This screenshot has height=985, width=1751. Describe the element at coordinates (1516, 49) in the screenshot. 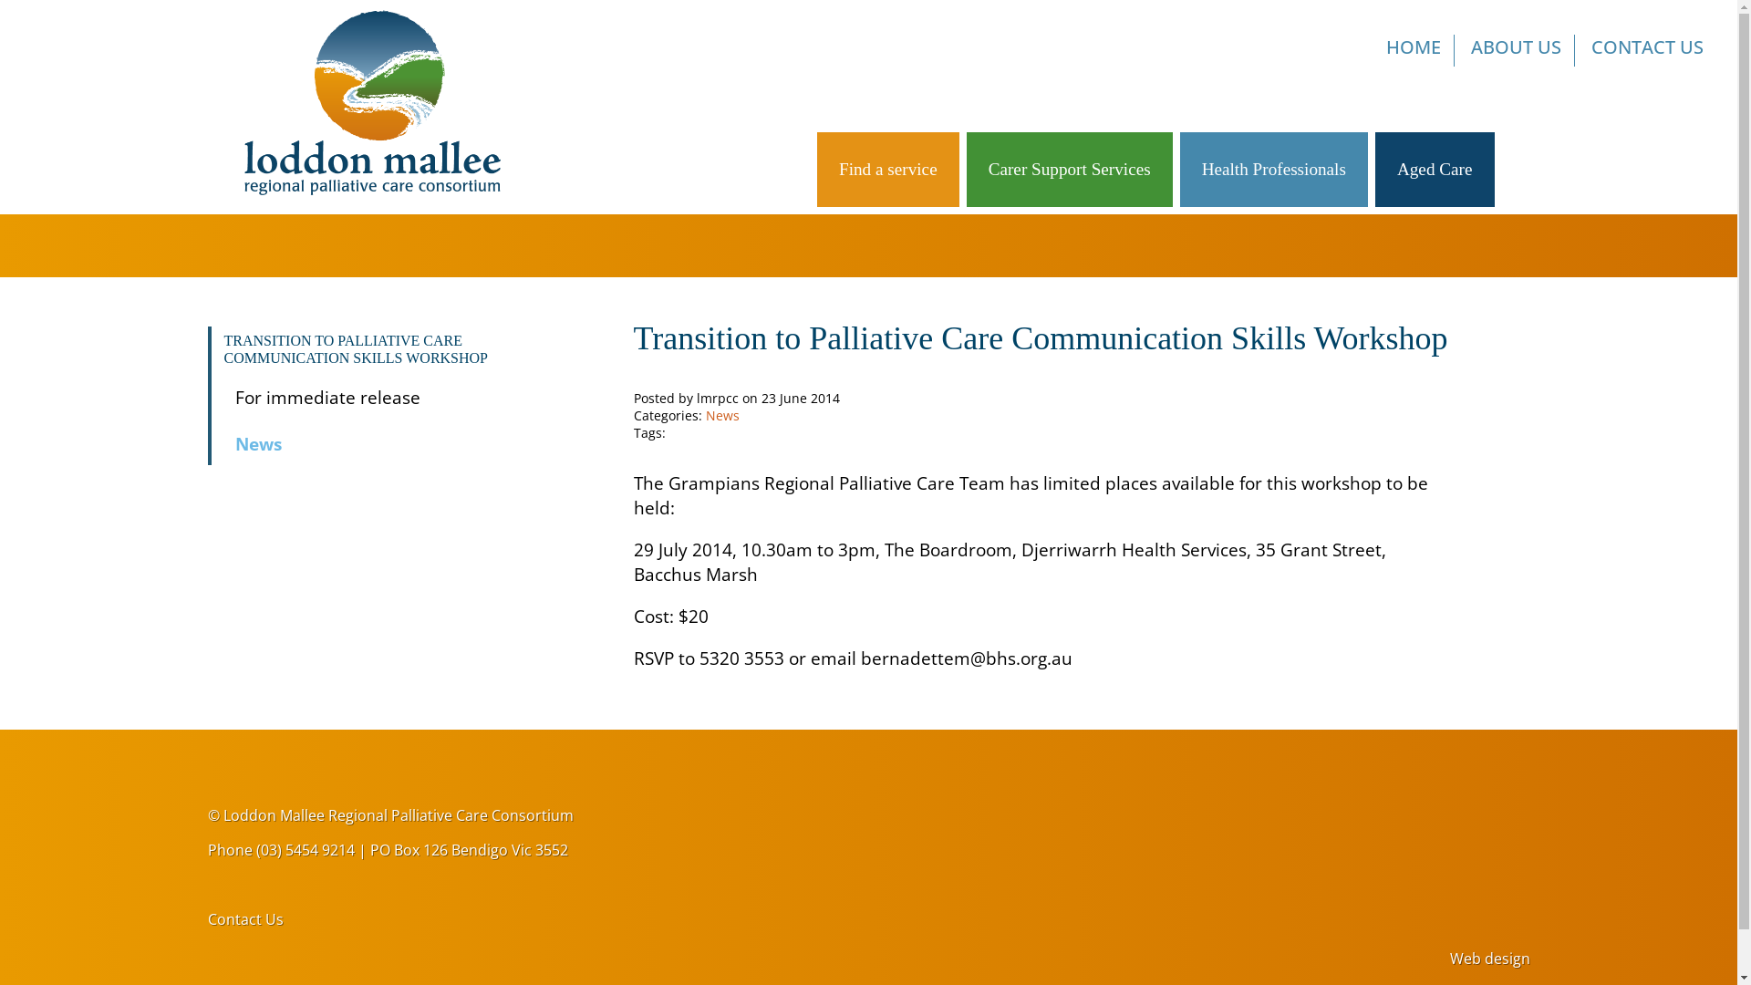

I see `'ABOUT US'` at that location.